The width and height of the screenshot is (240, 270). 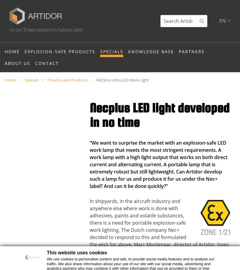 I want to click on 'en', so click(x=222, y=26).